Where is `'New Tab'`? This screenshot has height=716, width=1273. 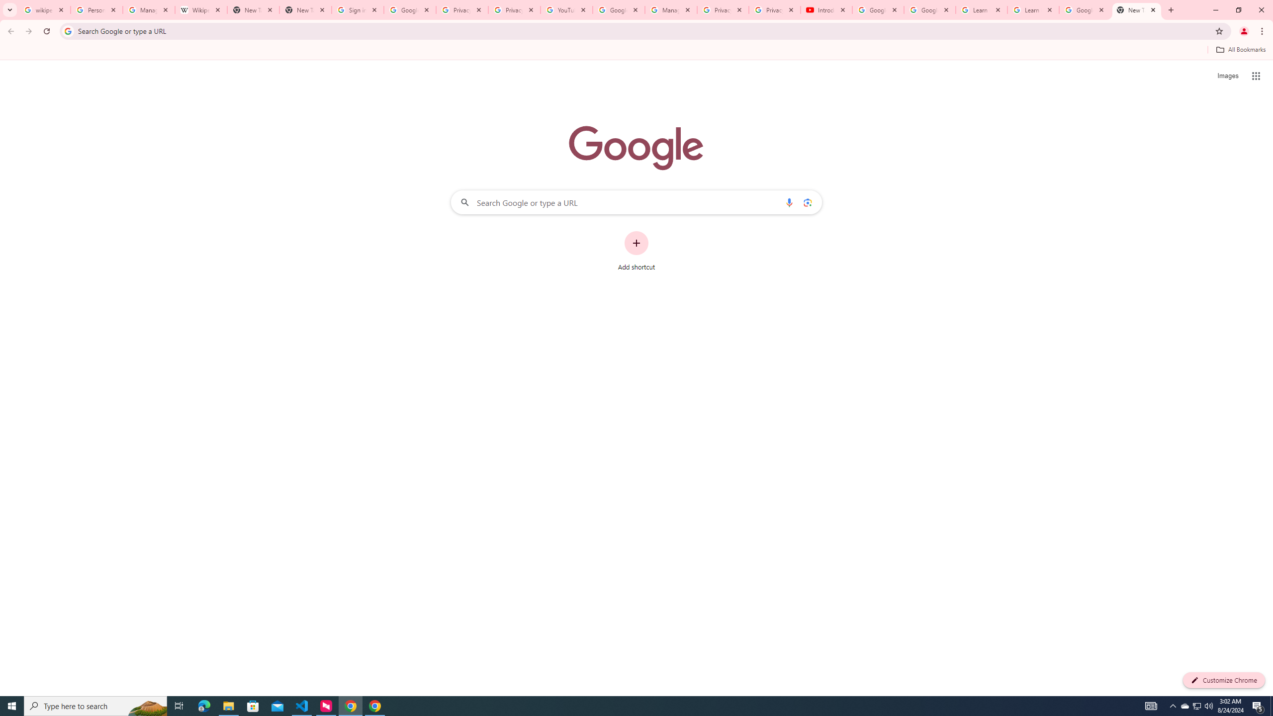
'New Tab' is located at coordinates (1137, 9).